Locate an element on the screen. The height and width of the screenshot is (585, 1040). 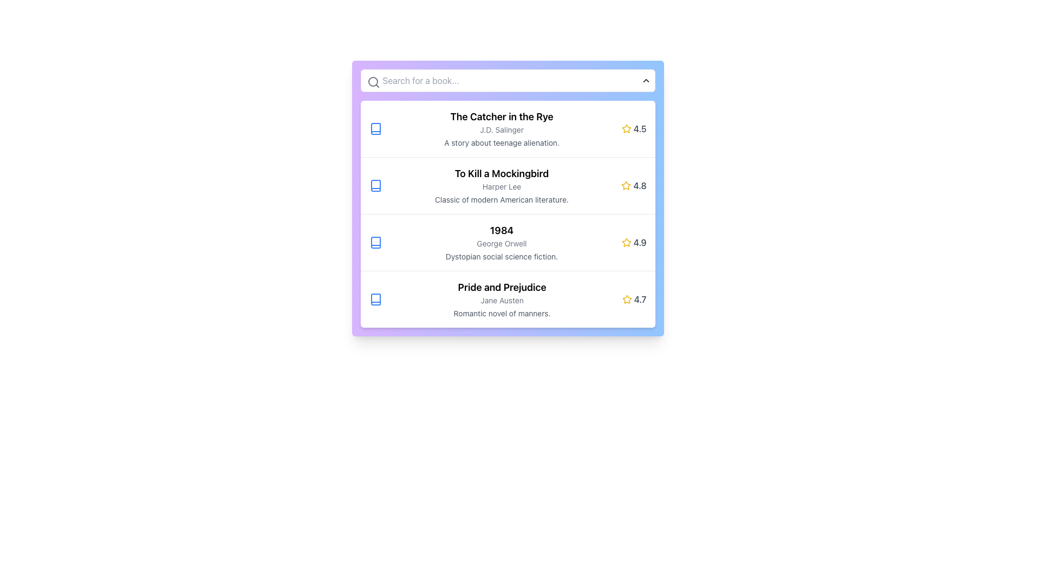
text label displaying 'Classic of modern American literature.' which is positioned below the book title and author details in the book entry card is located at coordinates (501, 200).